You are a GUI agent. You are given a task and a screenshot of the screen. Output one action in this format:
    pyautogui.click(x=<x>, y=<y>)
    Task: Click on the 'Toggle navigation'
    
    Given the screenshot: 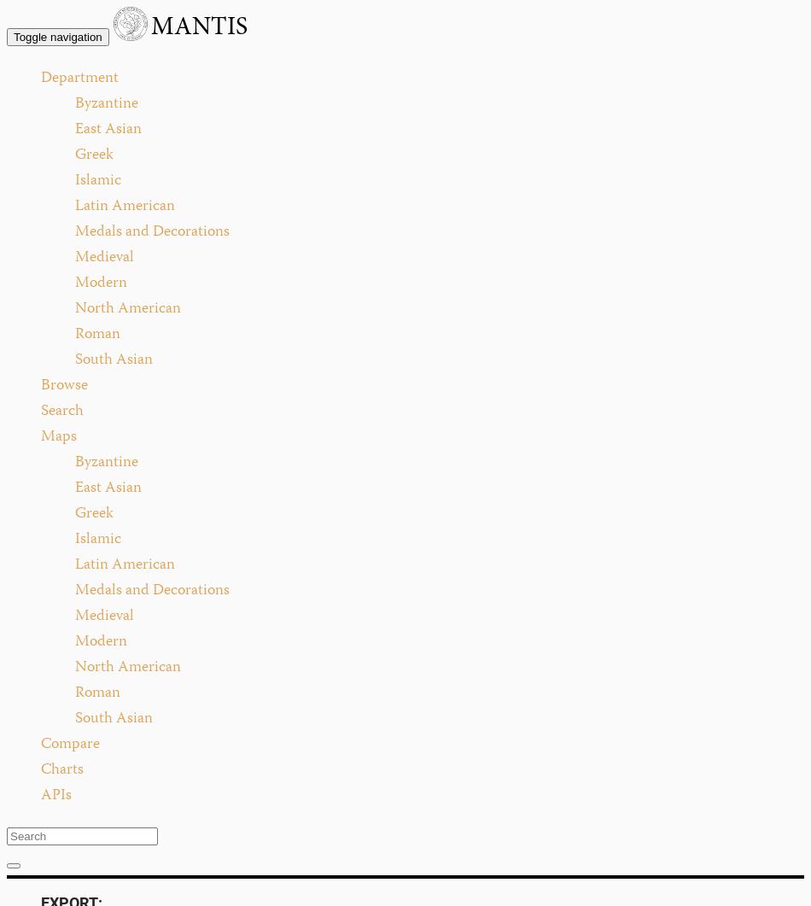 What is the action you would take?
    pyautogui.click(x=57, y=37)
    